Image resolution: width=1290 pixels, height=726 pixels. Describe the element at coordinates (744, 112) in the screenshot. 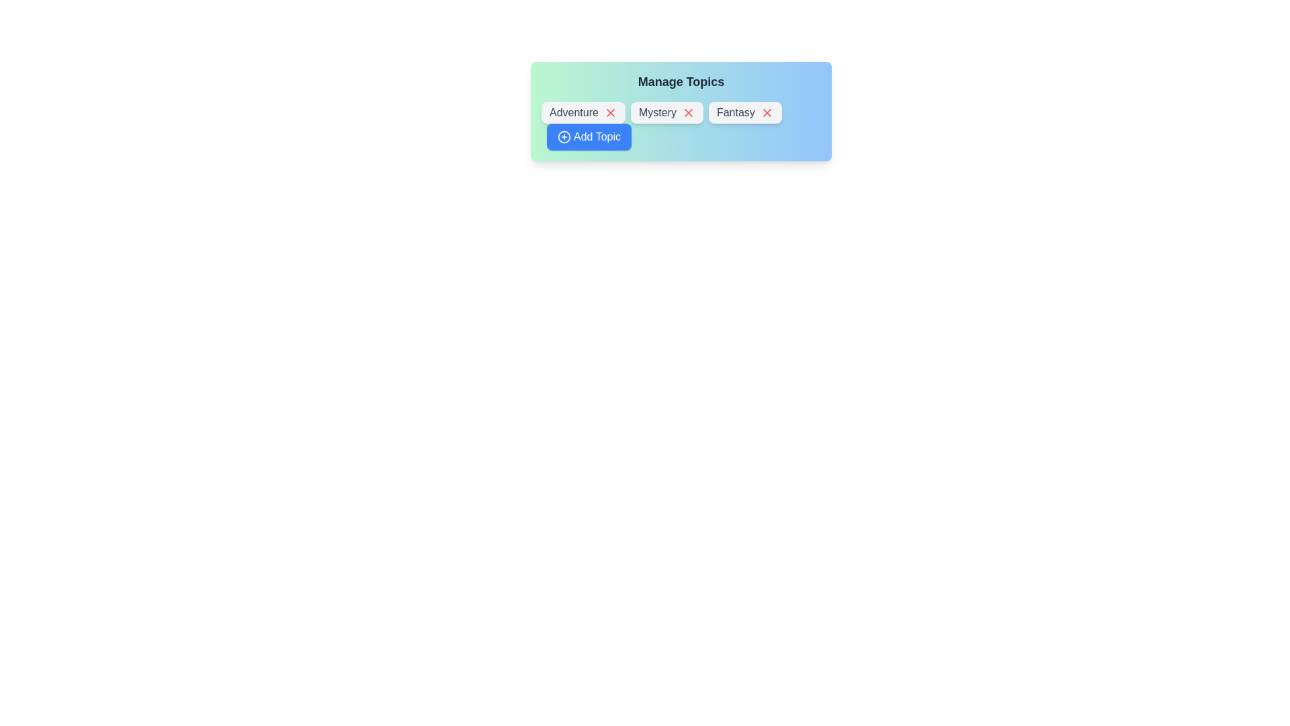

I see `the text label of the chip labeled Fantasy` at that location.